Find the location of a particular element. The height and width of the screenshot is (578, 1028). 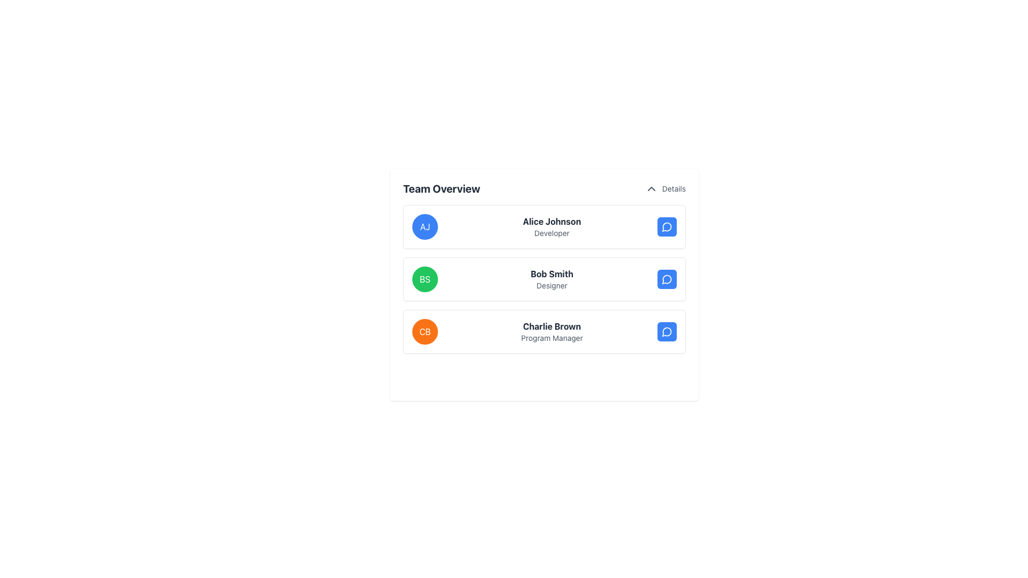

the upward-facing chevron icon next to the 'Details' label in the 'Team Overview' section is located at coordinates (651, 188).